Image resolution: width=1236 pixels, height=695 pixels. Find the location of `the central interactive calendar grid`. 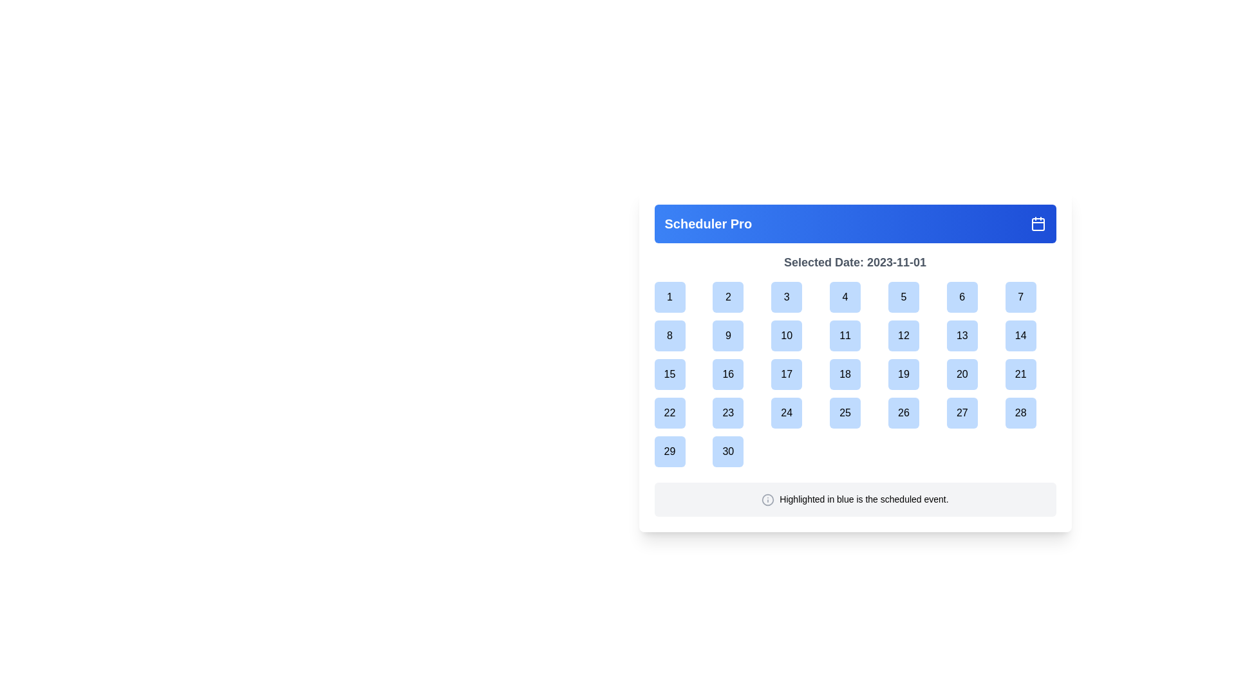

the central interactive calendar grid is located at coordinates (855, 384).